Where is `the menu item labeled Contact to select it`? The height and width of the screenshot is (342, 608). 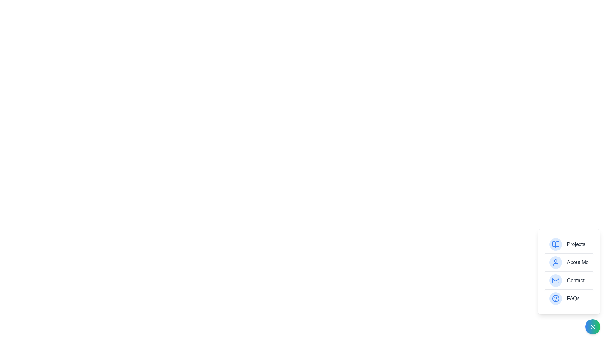
the menu item labeled Contact to select it is located at coordinates (569, 280).